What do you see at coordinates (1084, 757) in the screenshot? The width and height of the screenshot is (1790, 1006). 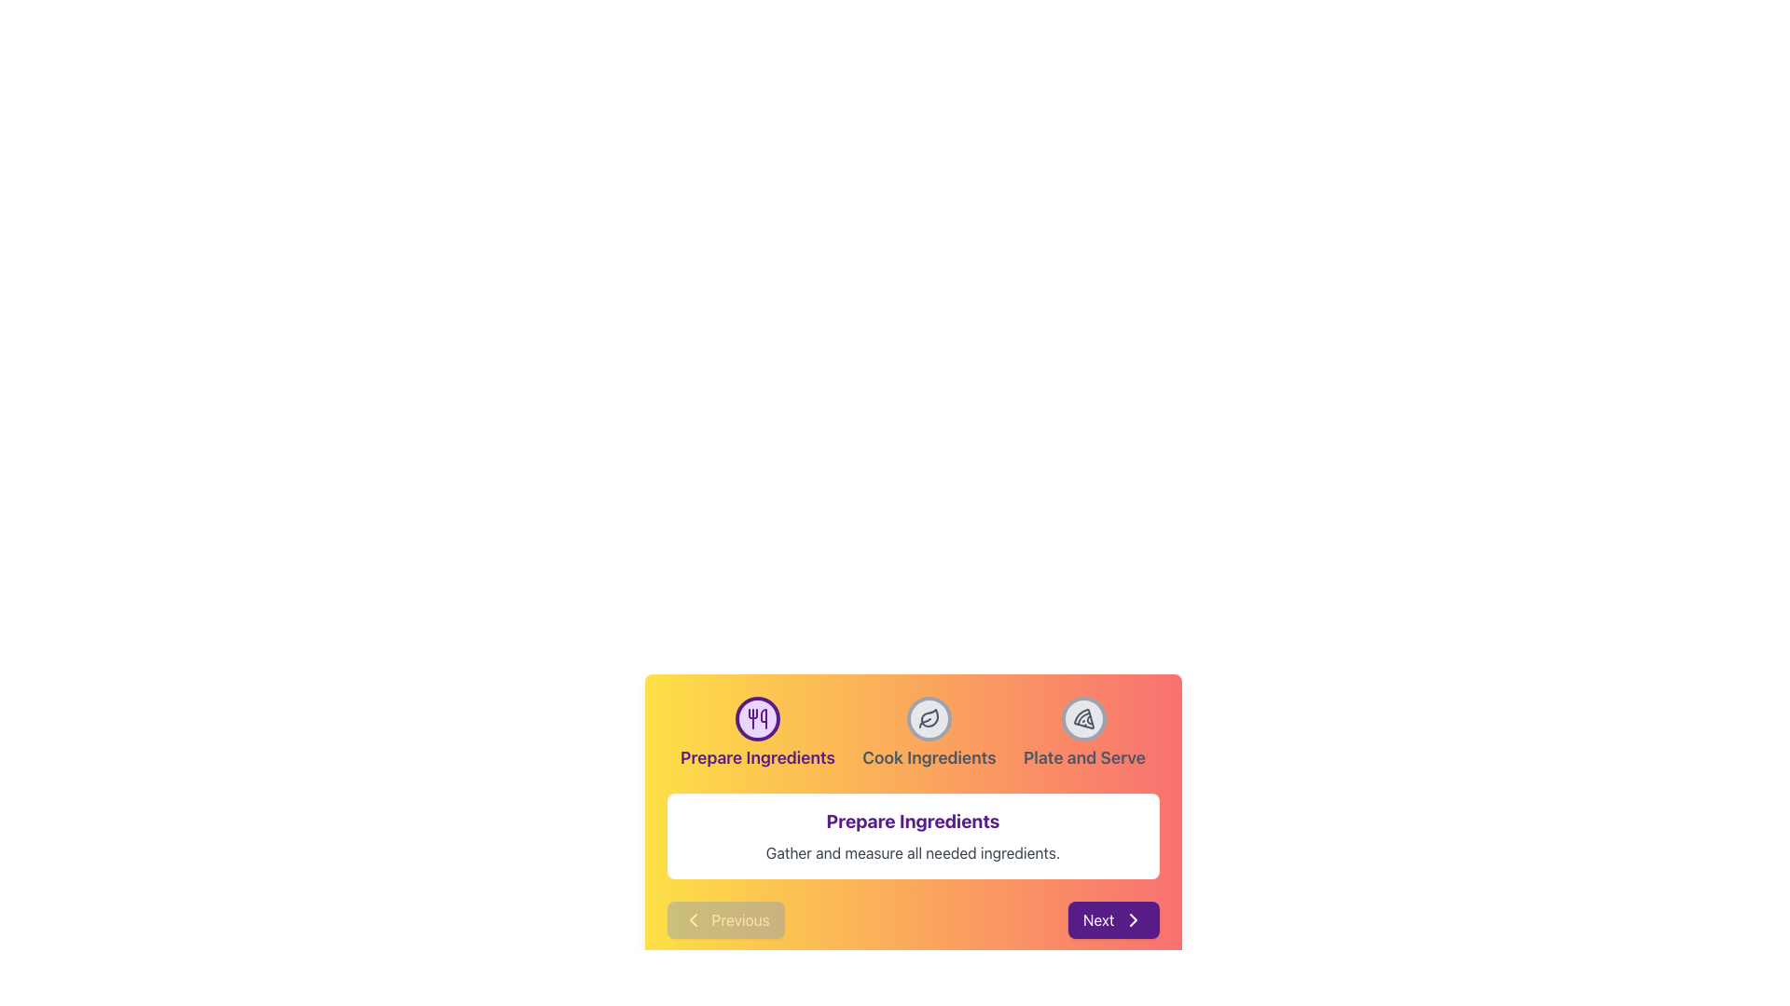 I see `the text label 'Plate and Serve' which is prominently styled with a larger, bold font and has an orange background, located at the right of 'Cook Ingredients'` at bounding box center [1084, 757].